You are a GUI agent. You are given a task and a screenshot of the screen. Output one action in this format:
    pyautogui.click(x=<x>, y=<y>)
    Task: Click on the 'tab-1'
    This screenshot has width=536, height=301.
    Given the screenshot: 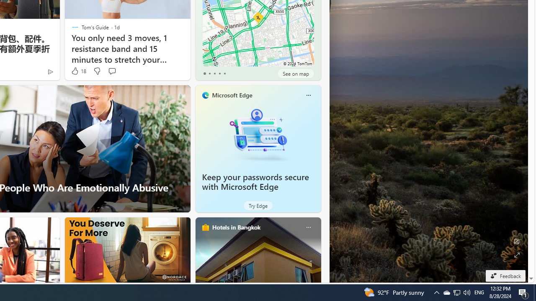 What is the action you would take?
    pyautogui.click(x=209, y=73)
    